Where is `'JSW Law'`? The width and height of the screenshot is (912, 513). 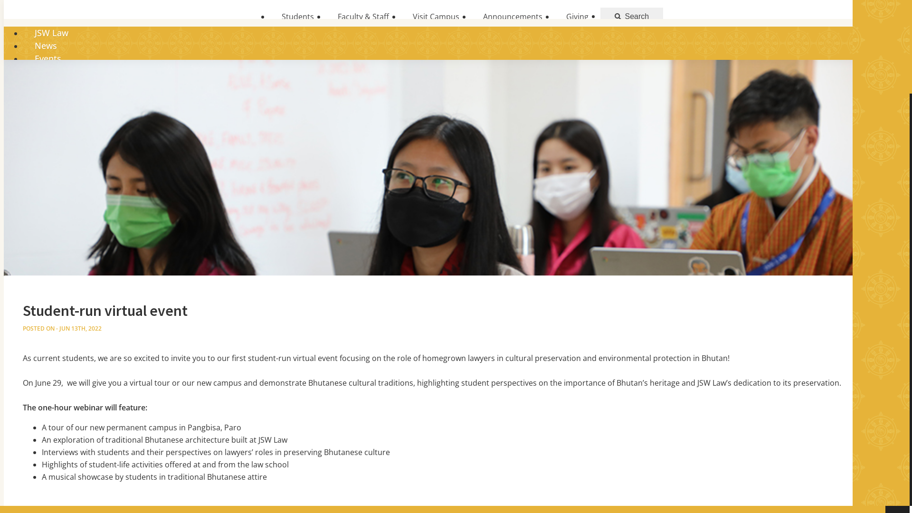 'JSW Law' is located at coordinates (23, 32).